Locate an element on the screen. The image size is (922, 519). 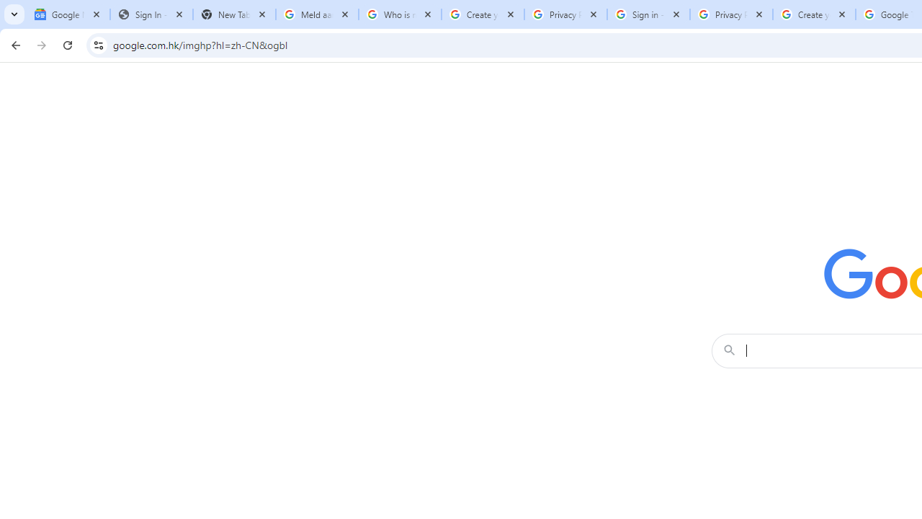
'Sign In - USA TODAY' is located at coordinates (151, 14).